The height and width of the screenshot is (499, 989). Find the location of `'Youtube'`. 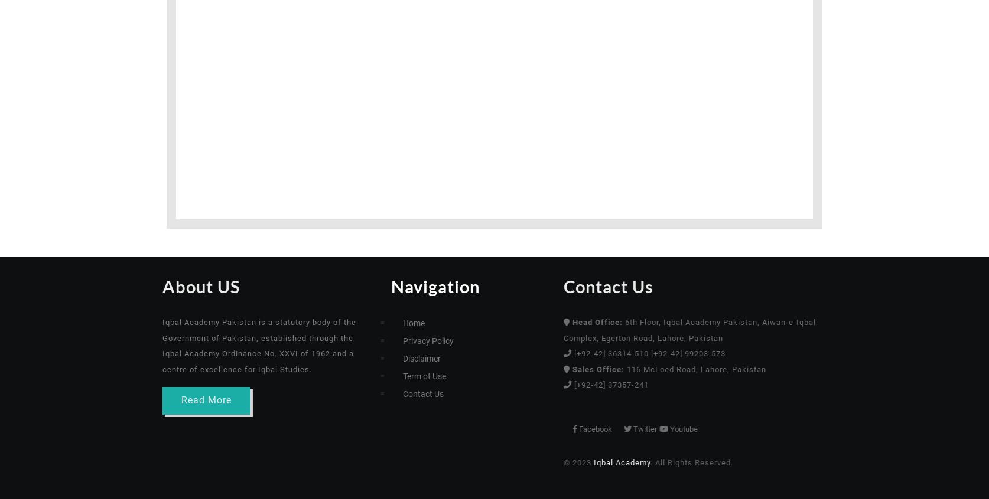

'Youtube' is located at coordinates (736, 428).